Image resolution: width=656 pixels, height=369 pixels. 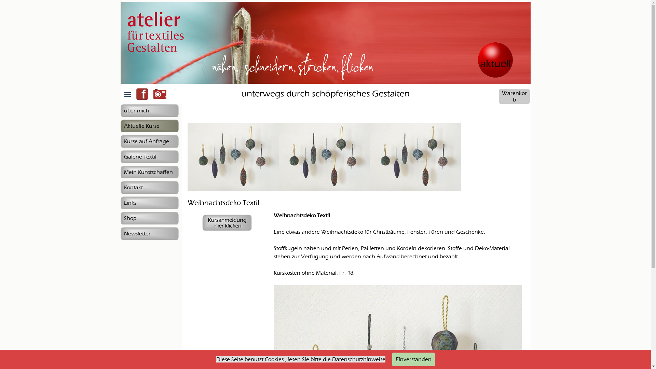 I want to click on 'Newsletter', so click(x=149, y=233).